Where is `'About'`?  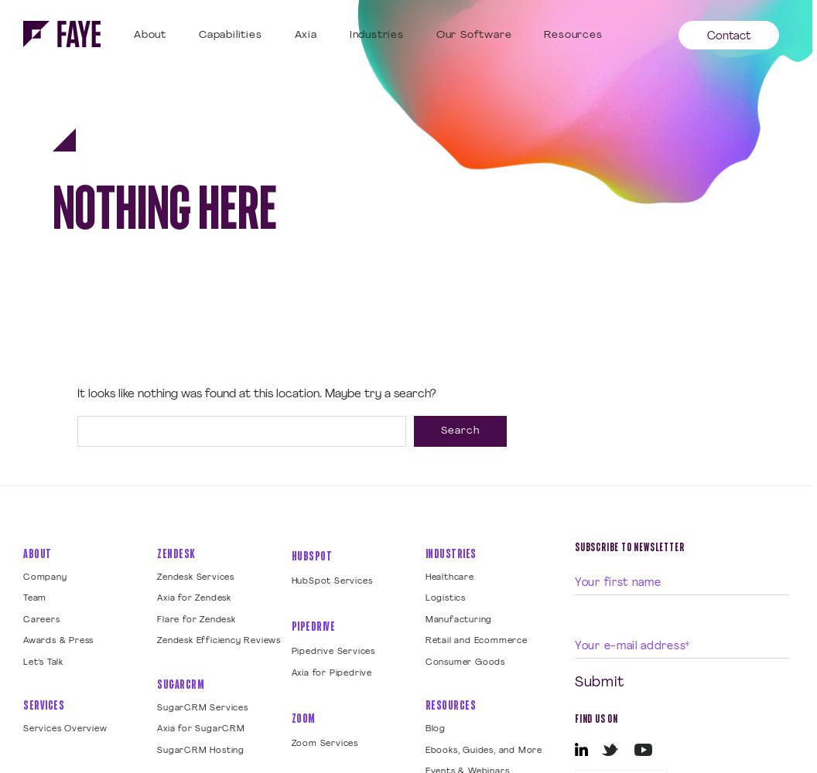 'About' is located at coordinates (37, 552).